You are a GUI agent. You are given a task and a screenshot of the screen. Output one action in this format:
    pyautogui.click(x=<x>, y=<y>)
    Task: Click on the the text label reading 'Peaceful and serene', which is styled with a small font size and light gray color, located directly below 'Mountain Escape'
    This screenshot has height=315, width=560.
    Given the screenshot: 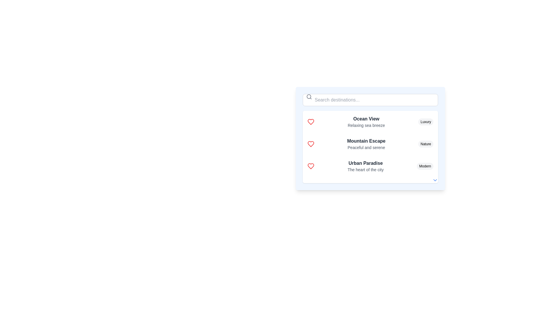 What is the action you would take?
    pyautogui.click(x=366, y=147)
    